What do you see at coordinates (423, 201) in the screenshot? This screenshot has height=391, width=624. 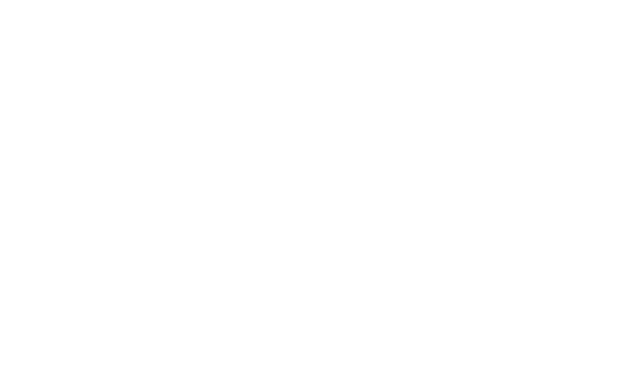 I see `'Ga door naar:'` at bounding box center [423, 201].